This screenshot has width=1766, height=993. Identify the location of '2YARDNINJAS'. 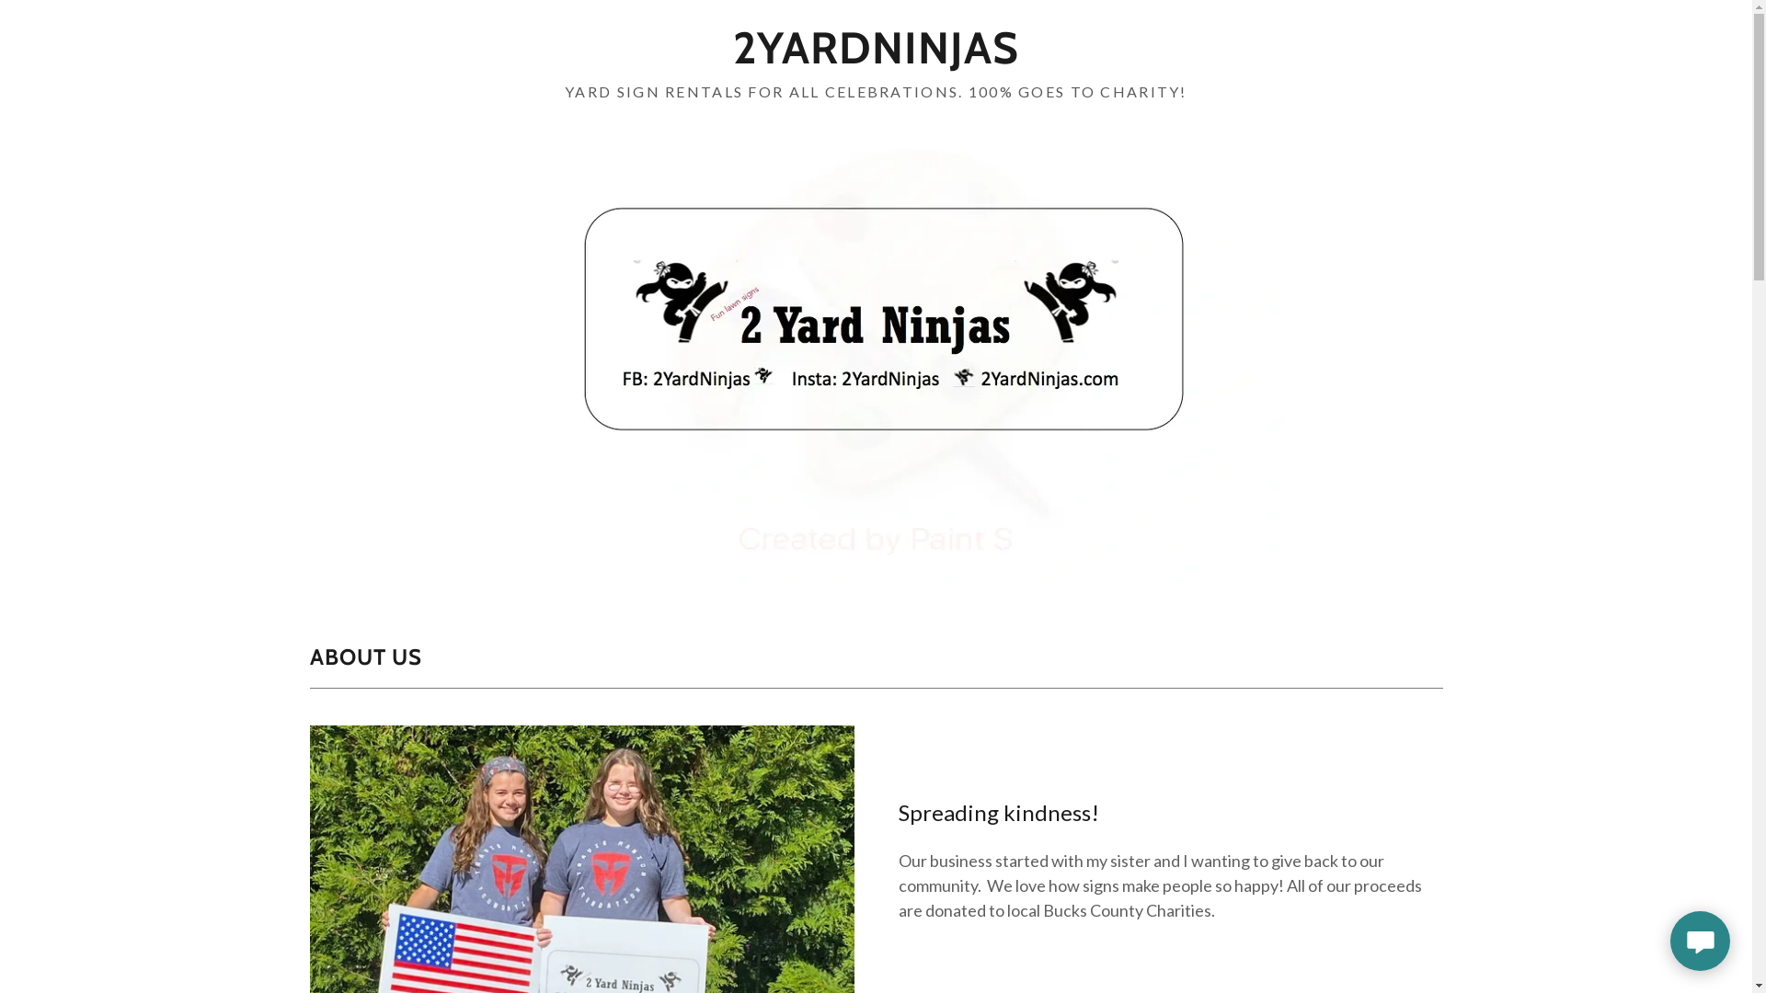
(875, 55).